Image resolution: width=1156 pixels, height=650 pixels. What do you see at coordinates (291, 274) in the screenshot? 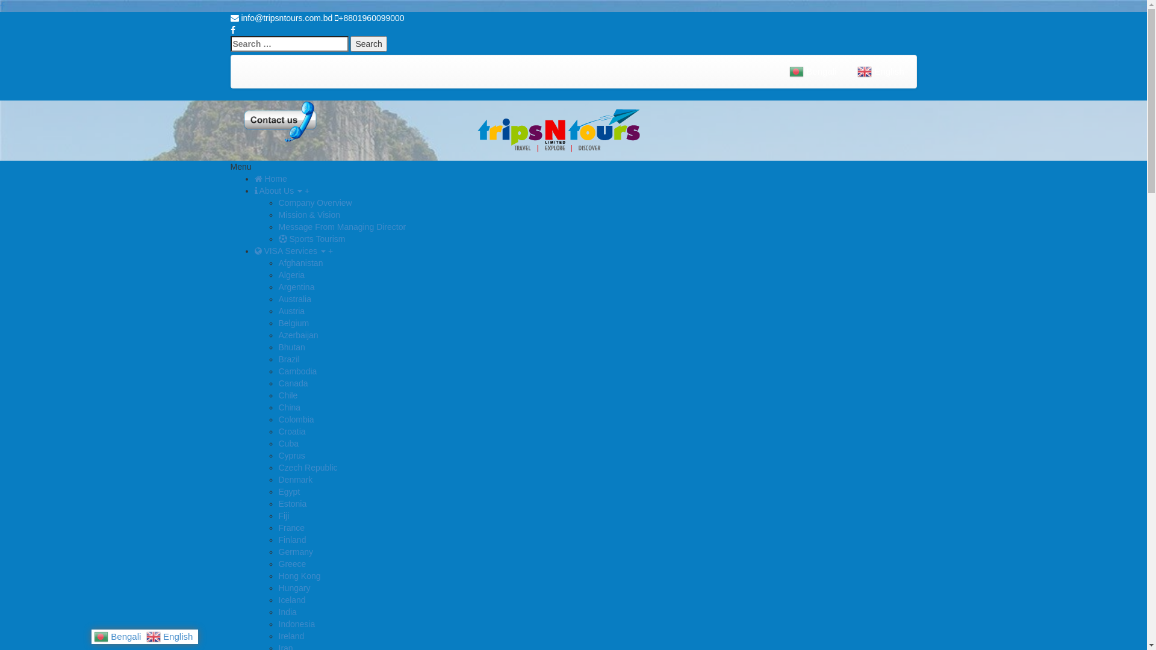
I see `'Algeria'` at bounding box center [291, 274].